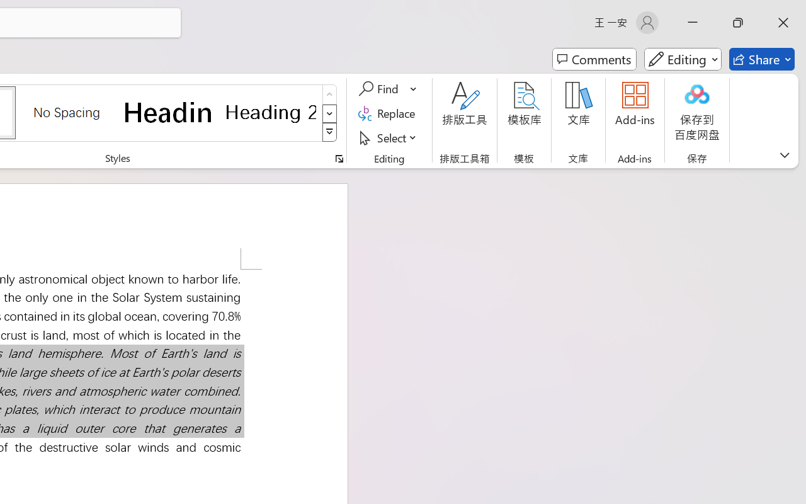 Image resolution: width=806 pixels, height=504 pixels. Describe the element at coordinates (329, 132) in the screenshot. I see `'Styles'` at that location.